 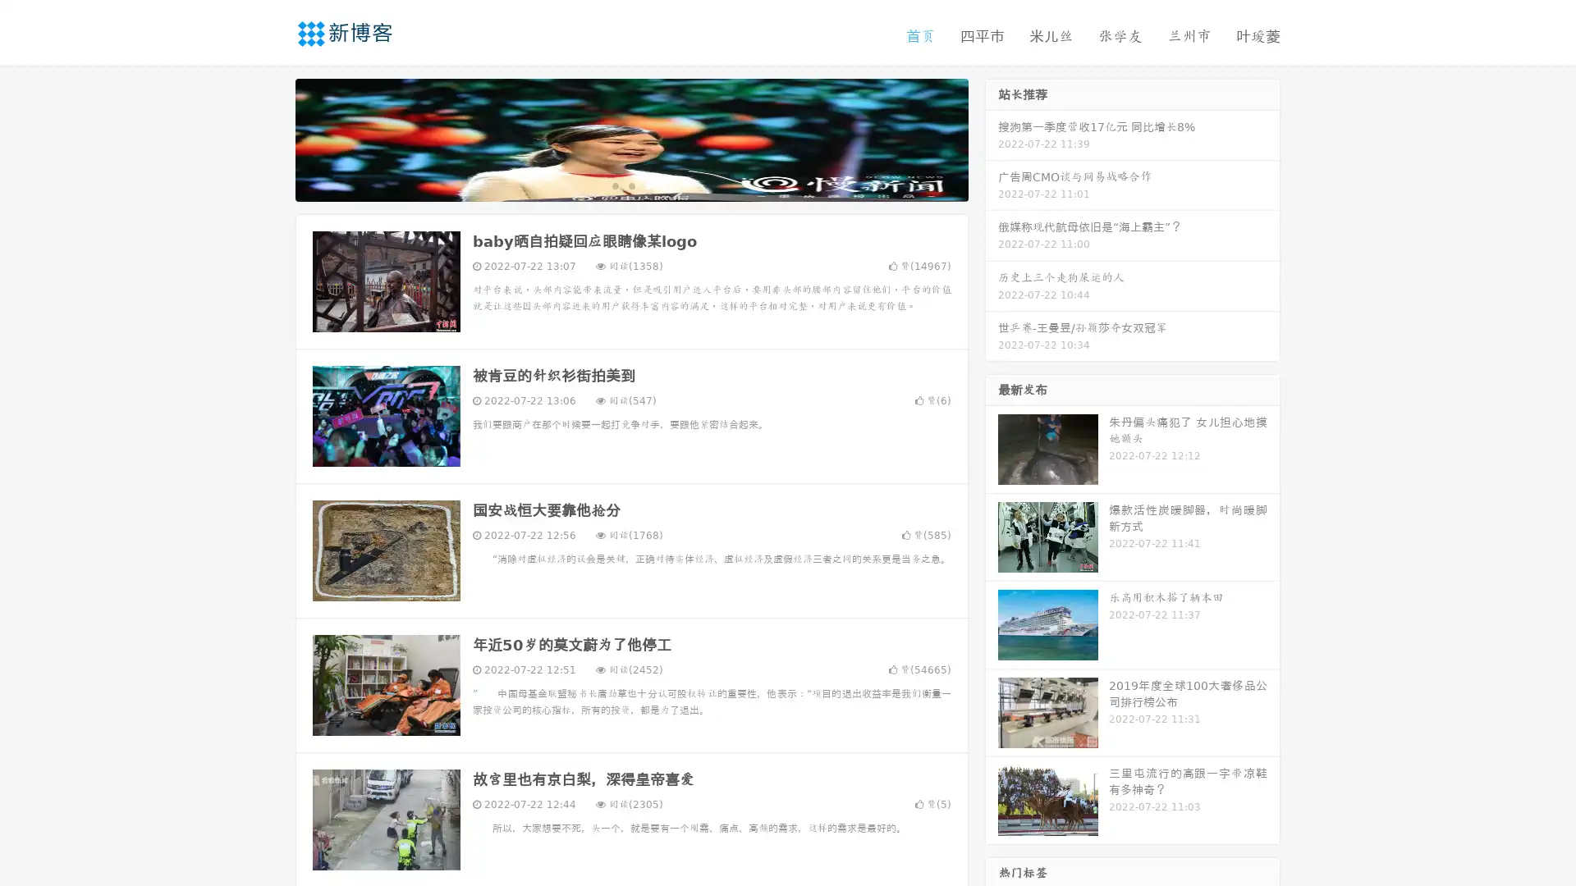 I want to click on Previous slide, so click(x=271, y=138).